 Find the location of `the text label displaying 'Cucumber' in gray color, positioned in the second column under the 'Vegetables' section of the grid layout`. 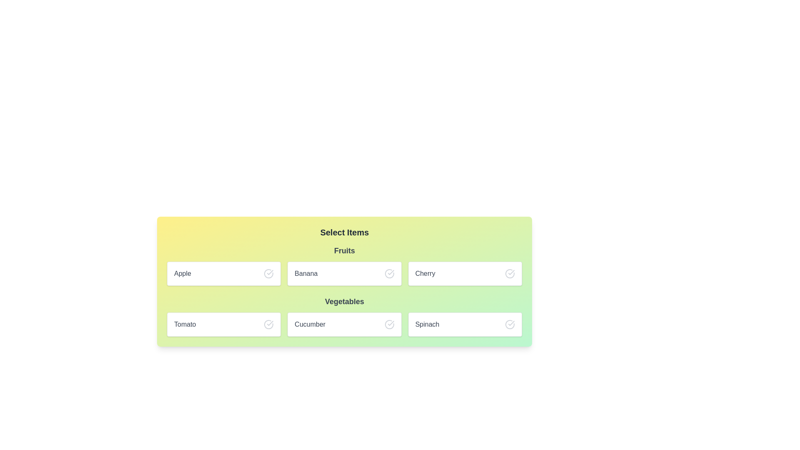

the text label displaying 'Cucumber' in gray color, positioned in the second column under the 'Vegetables' section of the grid layout is located at coordinates (310, 324).